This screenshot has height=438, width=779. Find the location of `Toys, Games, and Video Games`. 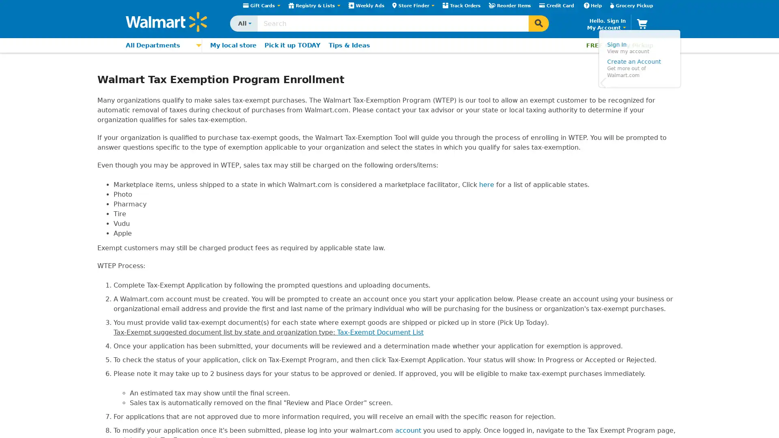

Toys, Games, and Video Games is located at coordinates (157, 152).